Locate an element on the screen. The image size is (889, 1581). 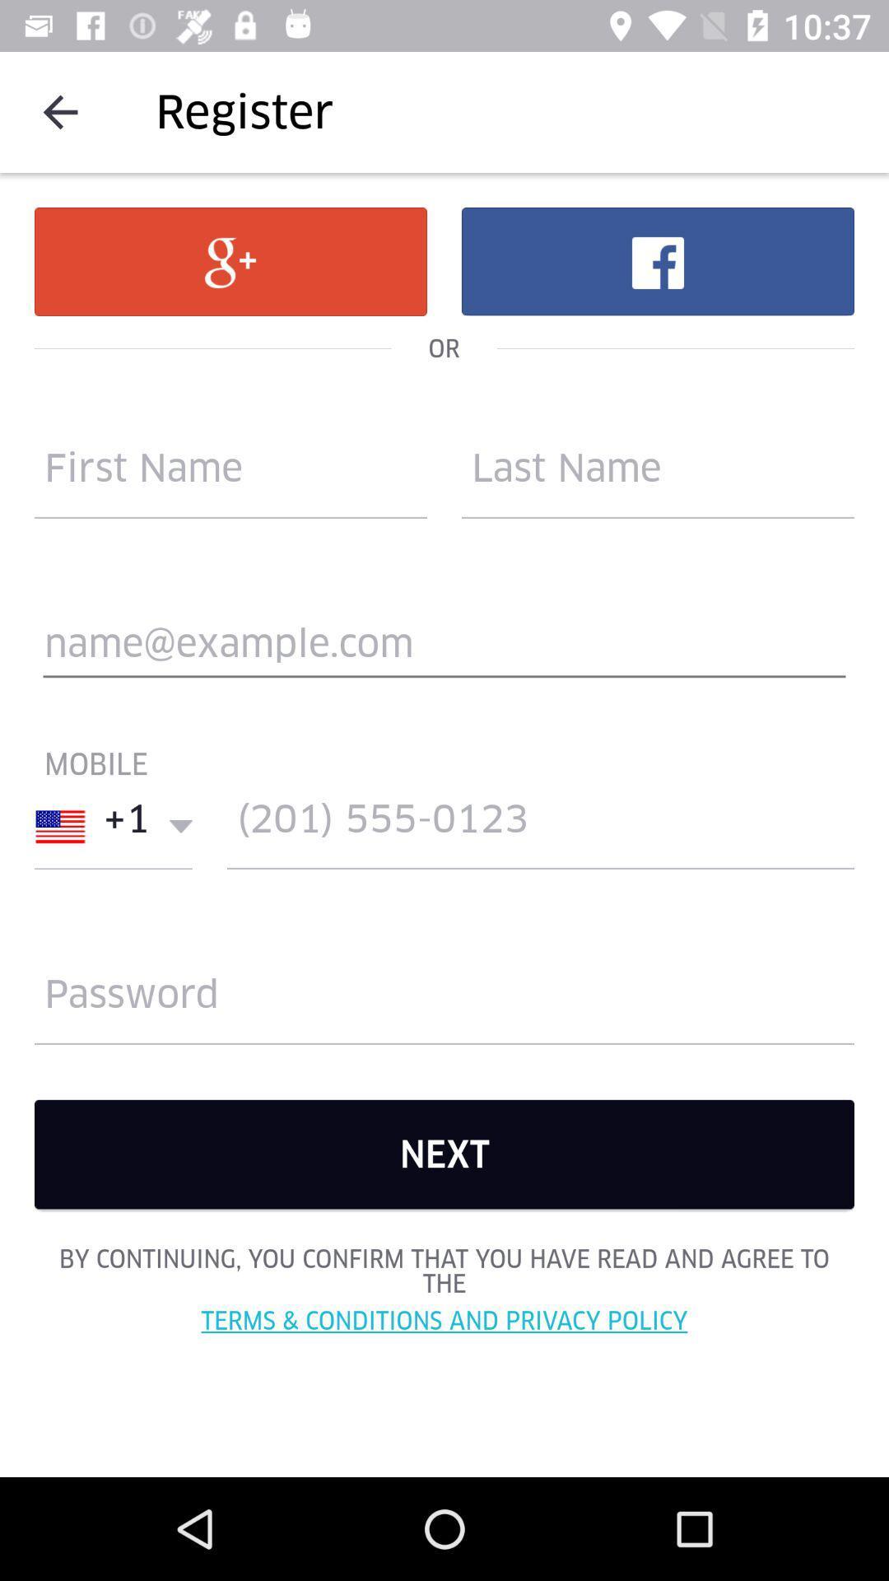
contact number filling area is located at coordinates (540, 827).